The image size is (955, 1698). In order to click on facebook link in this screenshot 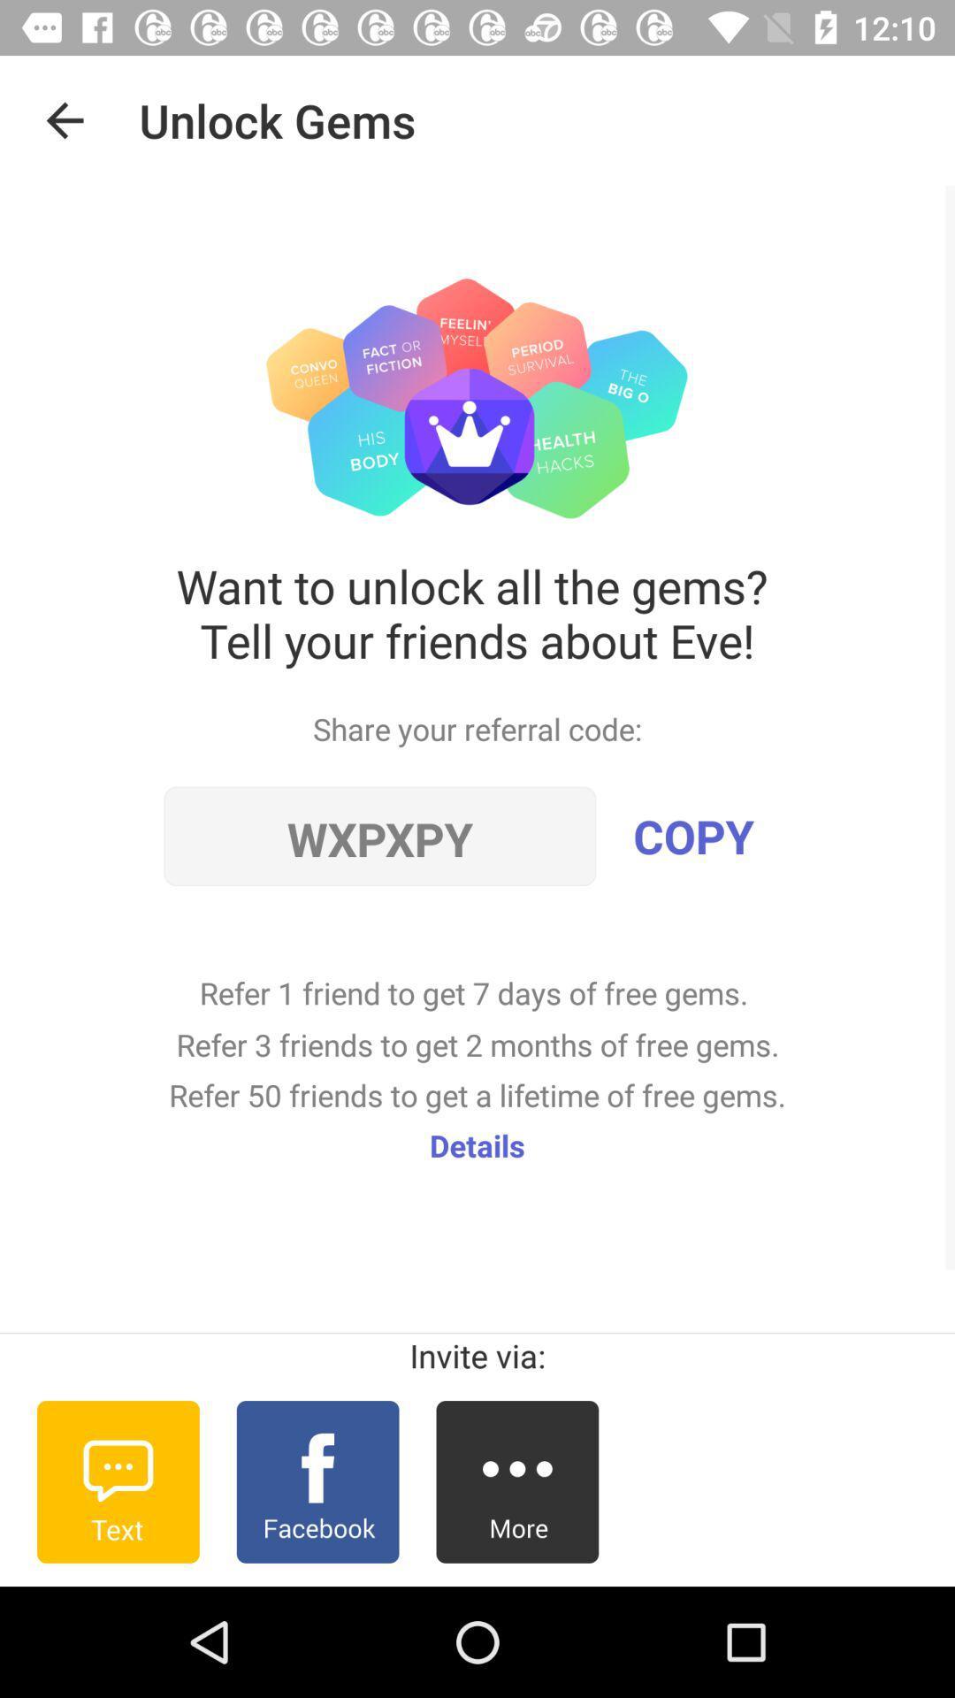, I will do `click(317, 1481)`.